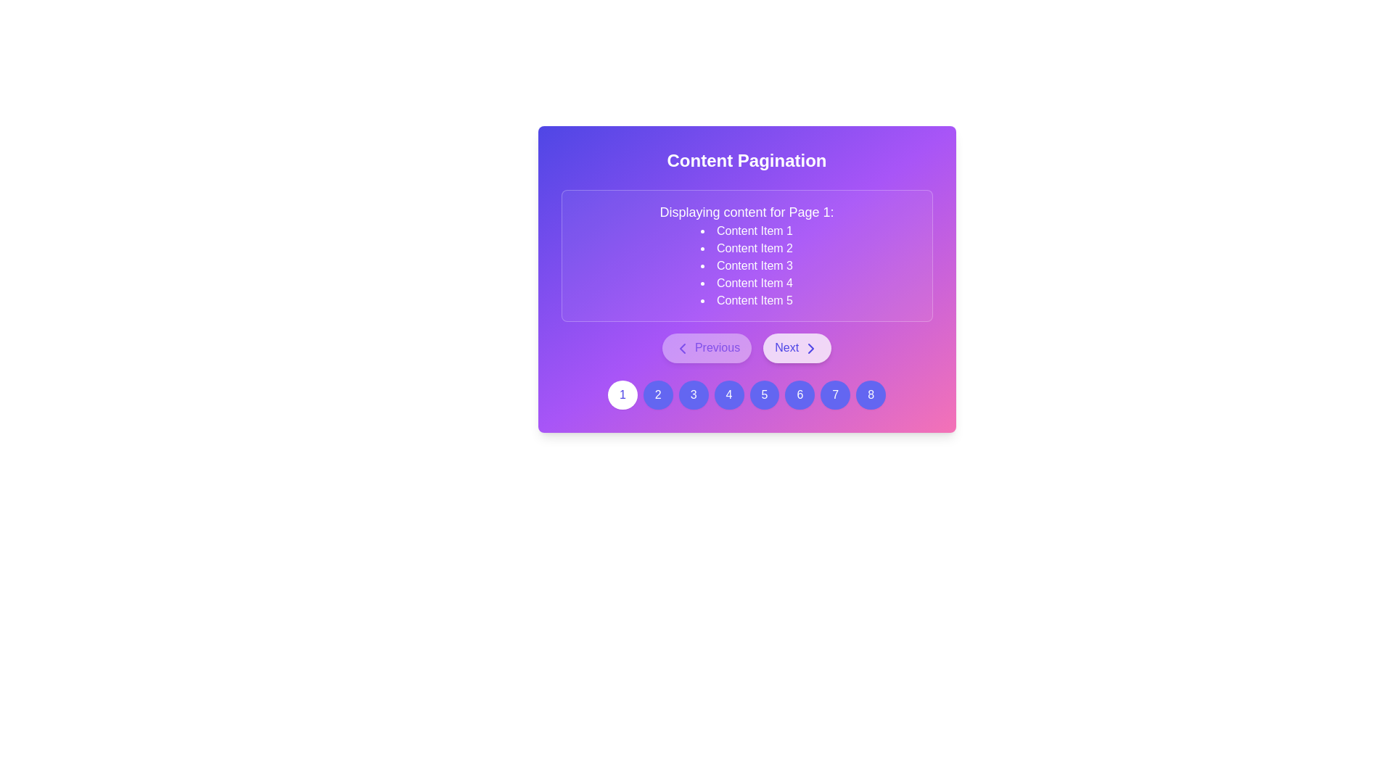 The image size is (1393, 783). I want to click on the text item 'Content Item 5' in the bulleted list, which is the fifth item positioned below 'Content Item 4' and is part of a vertical list with a gradient background, so click(747, 300).